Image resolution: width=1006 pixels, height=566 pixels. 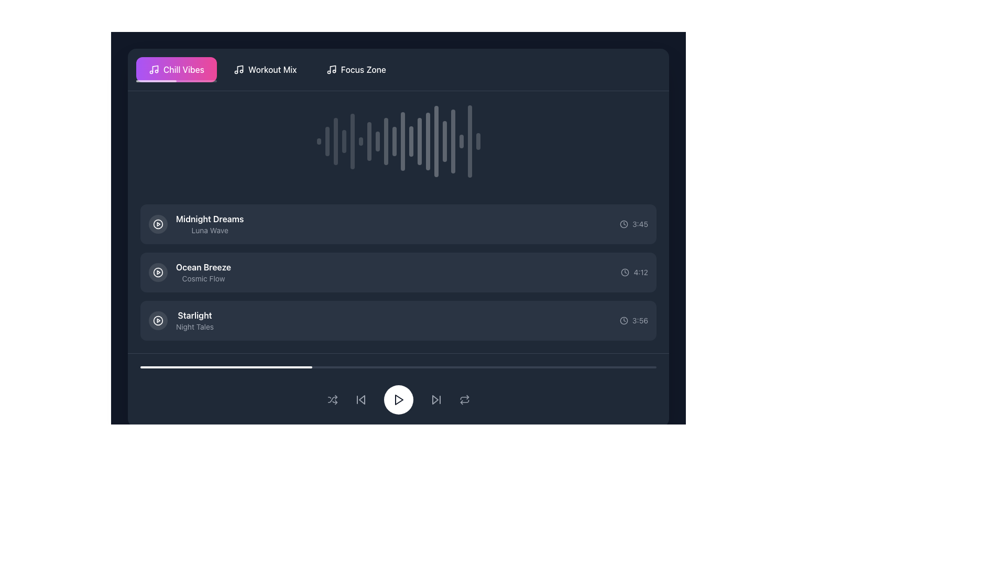 What do you see at coordinates (398, 400) in the screenshot?
I see `the central play/pause button in the group of playback control icons at the bottom of the interface` at bounding box center [398, 400].